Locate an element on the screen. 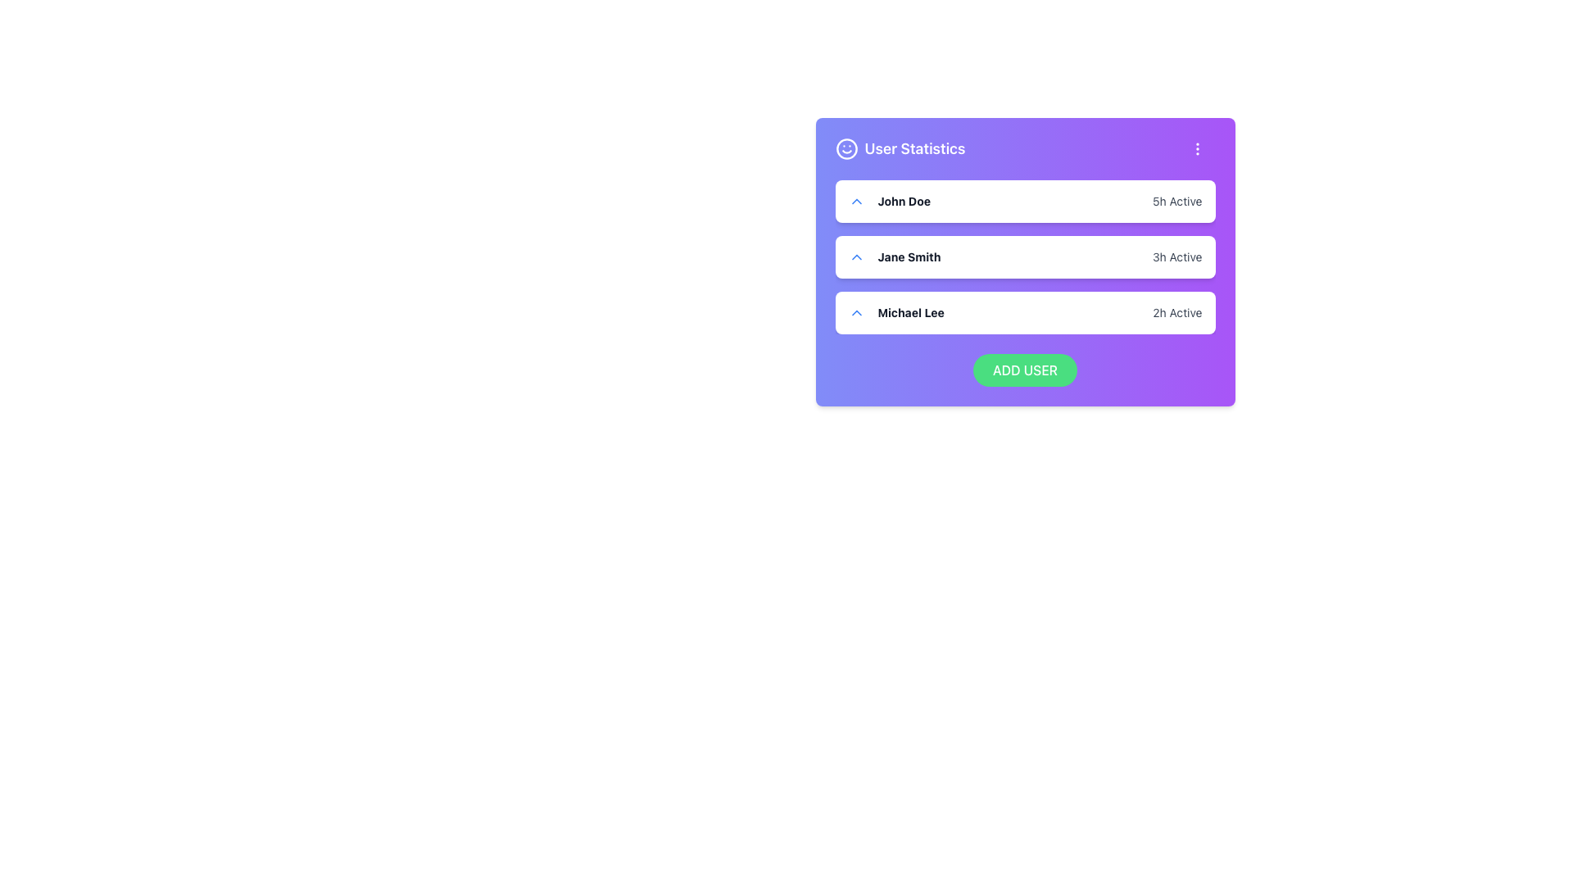  the user information panel displaying 'Jane Smith' with '3h Active' status, which is the second entry in the User Statistics list is located at coordinates (1024, 261).